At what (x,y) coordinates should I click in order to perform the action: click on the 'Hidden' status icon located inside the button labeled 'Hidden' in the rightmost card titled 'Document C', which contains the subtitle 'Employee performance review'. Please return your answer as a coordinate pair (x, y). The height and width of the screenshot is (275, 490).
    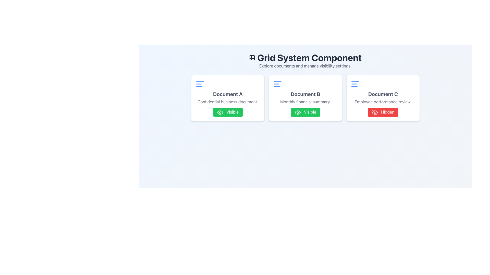
    Looking at the image, I should click on (375, 112).